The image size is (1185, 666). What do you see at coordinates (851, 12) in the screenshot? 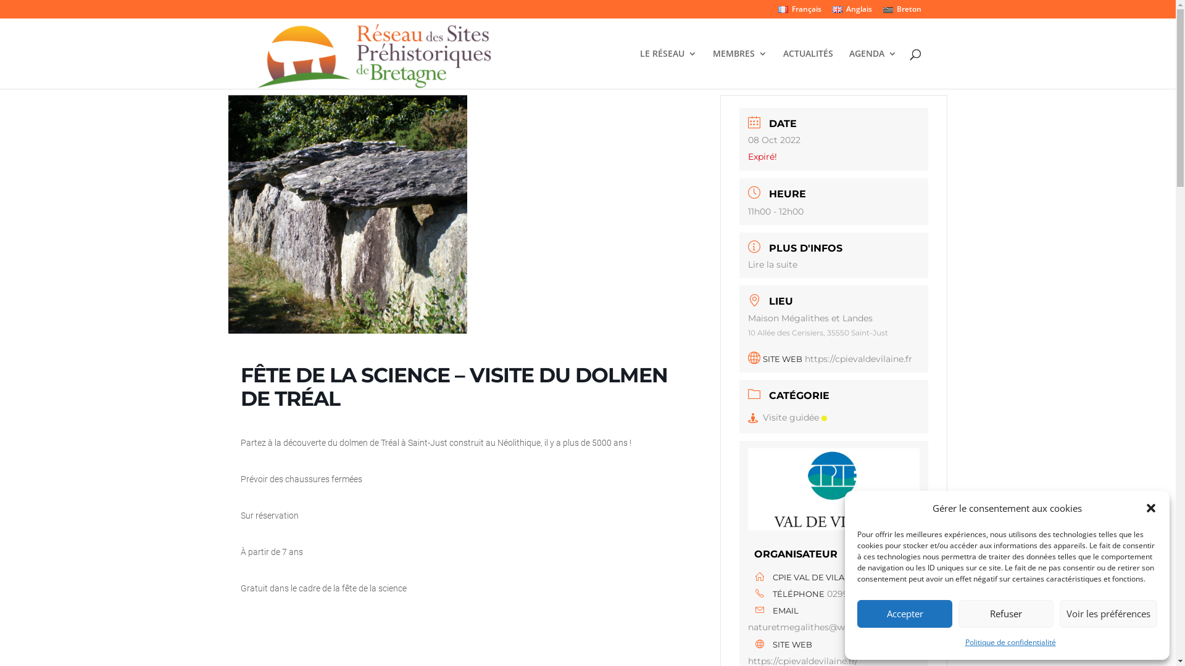
I see `'Anglais'` at bounding box center [851, 12].